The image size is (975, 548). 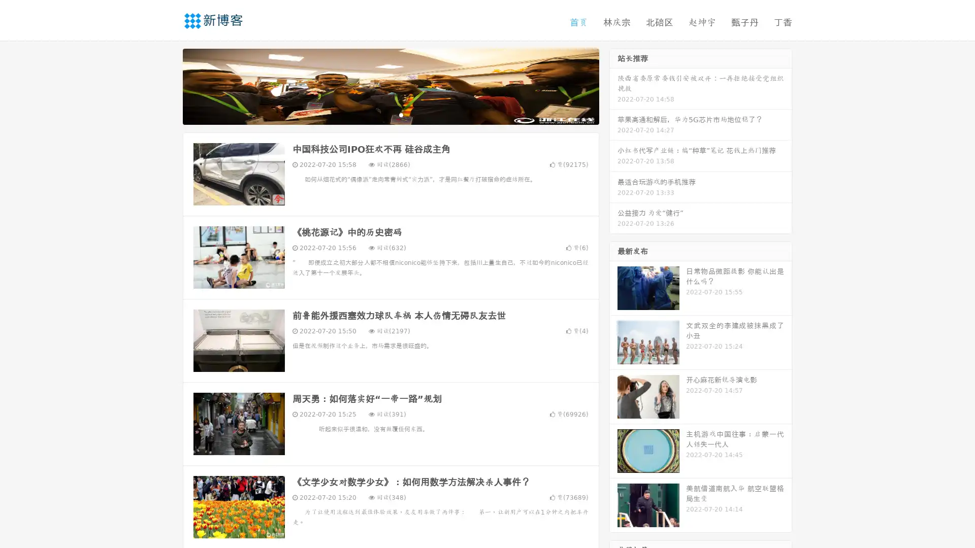 I want to click on Go to slide 3, so click(x=401, y=114).